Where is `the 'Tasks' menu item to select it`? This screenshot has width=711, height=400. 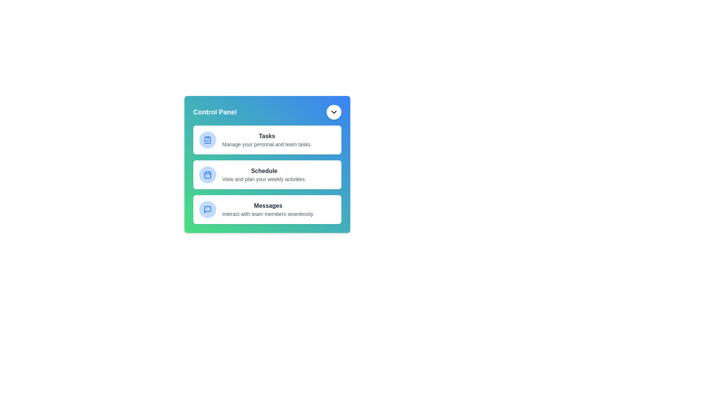 the 'Tasks' menu item to select it is located at coordinates (267, 140).